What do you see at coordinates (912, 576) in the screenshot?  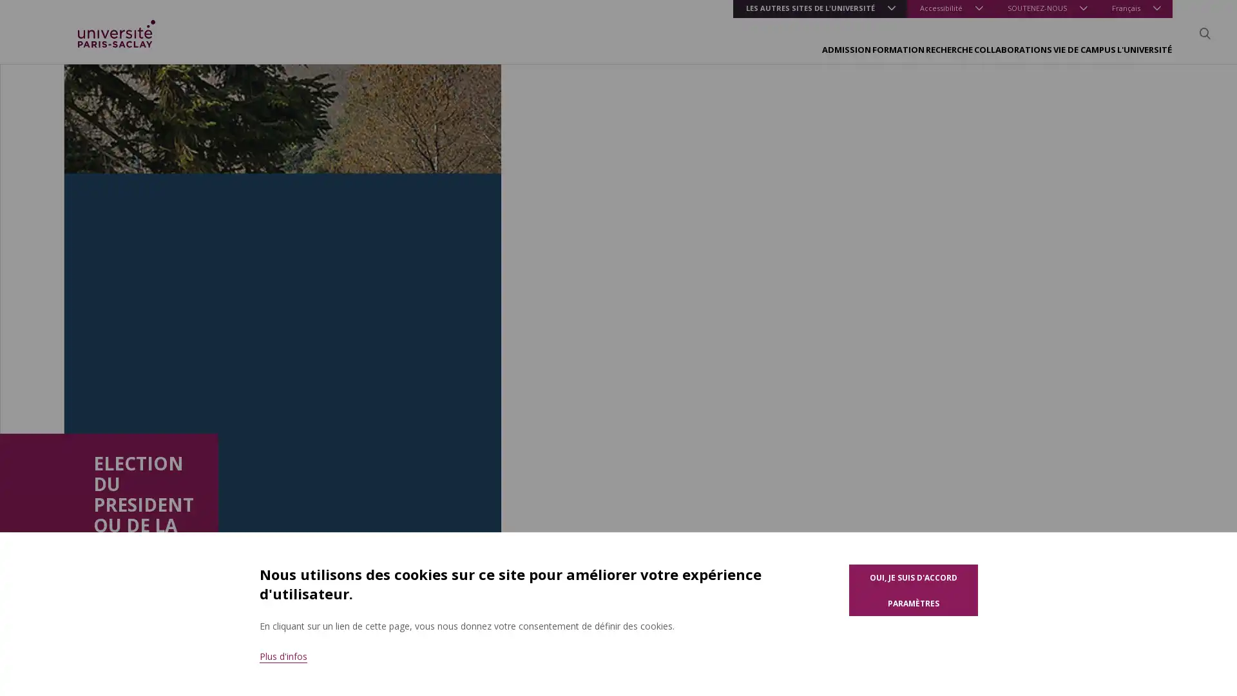 I see `Oui, je suis d'accord pour l'utilisation de cookies` at bounding box center [912, 576].